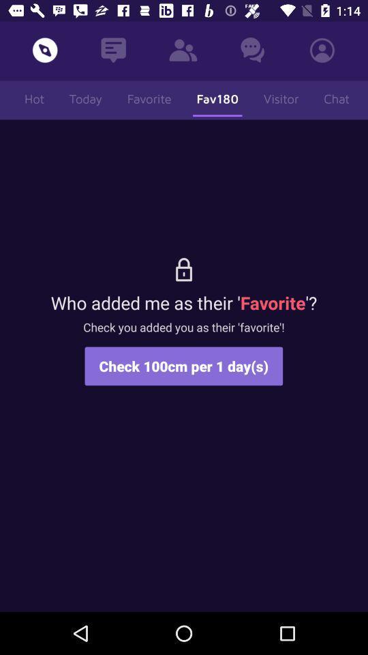  I want to click on check 100cm per, so click(183, 365).